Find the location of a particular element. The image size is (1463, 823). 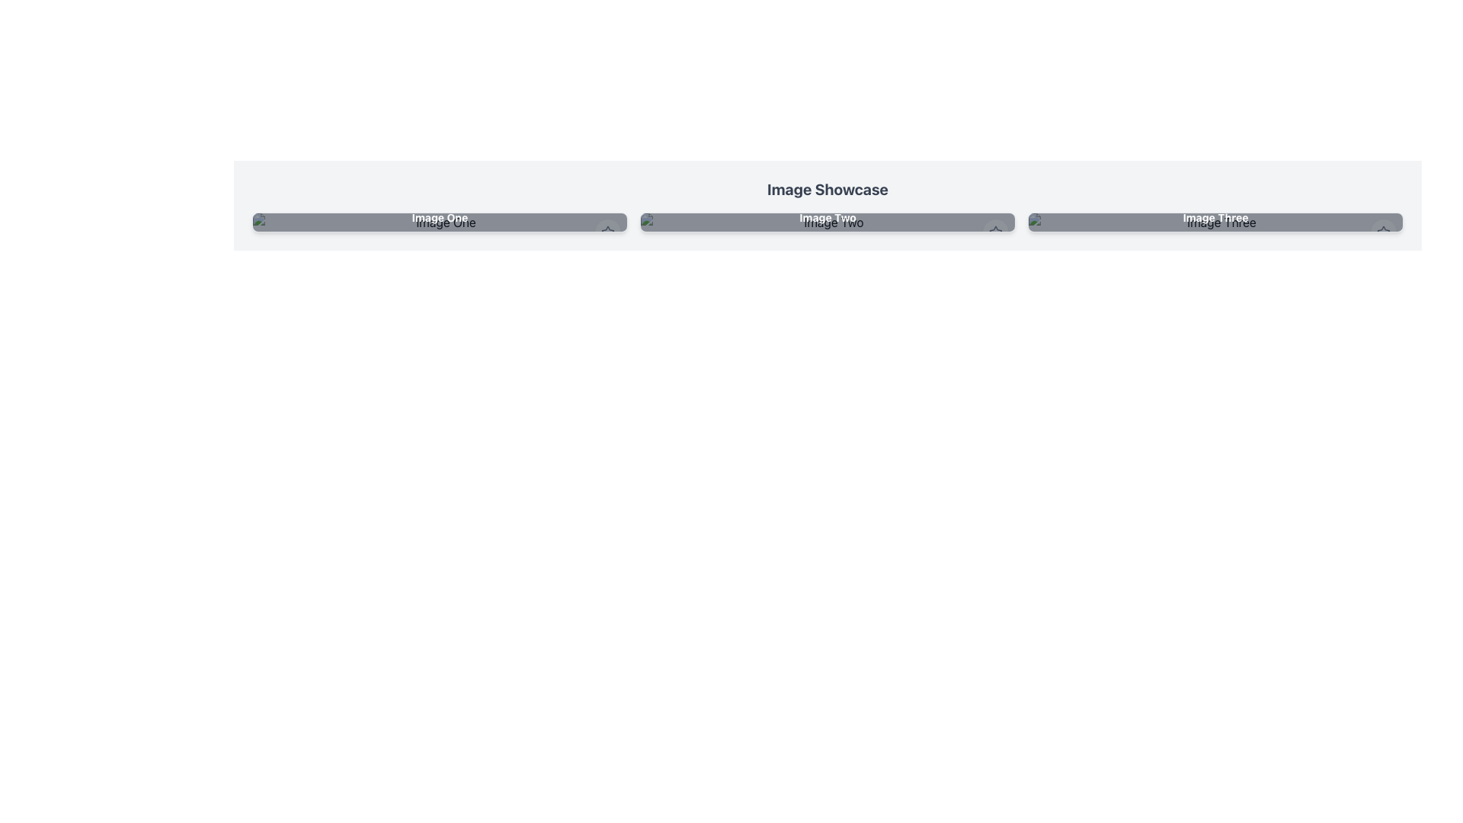

static text label that displays 'Image Two', which is located at the center bottom of the middle card in a horizontal row of three cards is located at coordinates (827, 217).